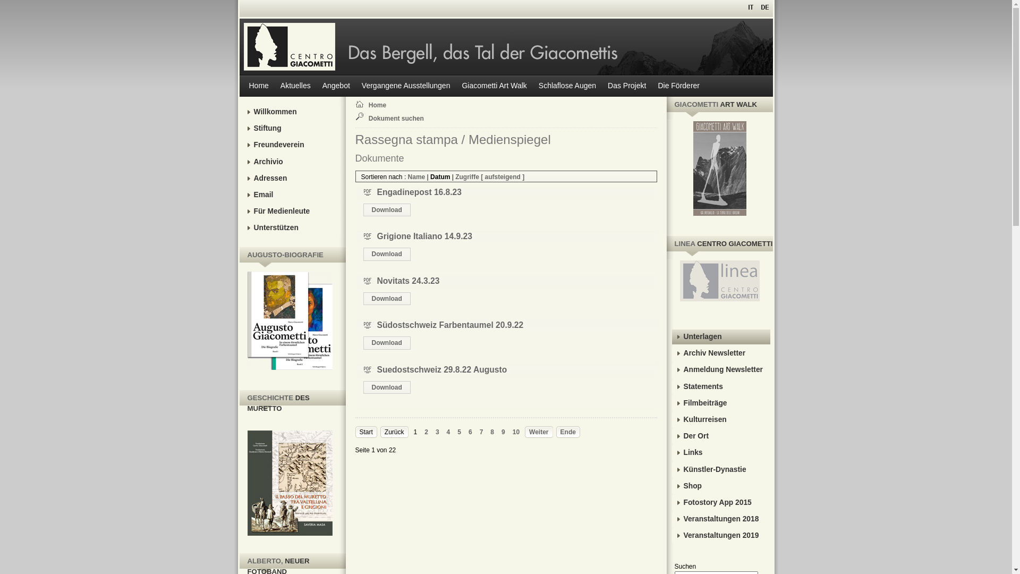  Describe the element at coordinates (751, 6) in the screenshot. I see `'IT'` at that location.